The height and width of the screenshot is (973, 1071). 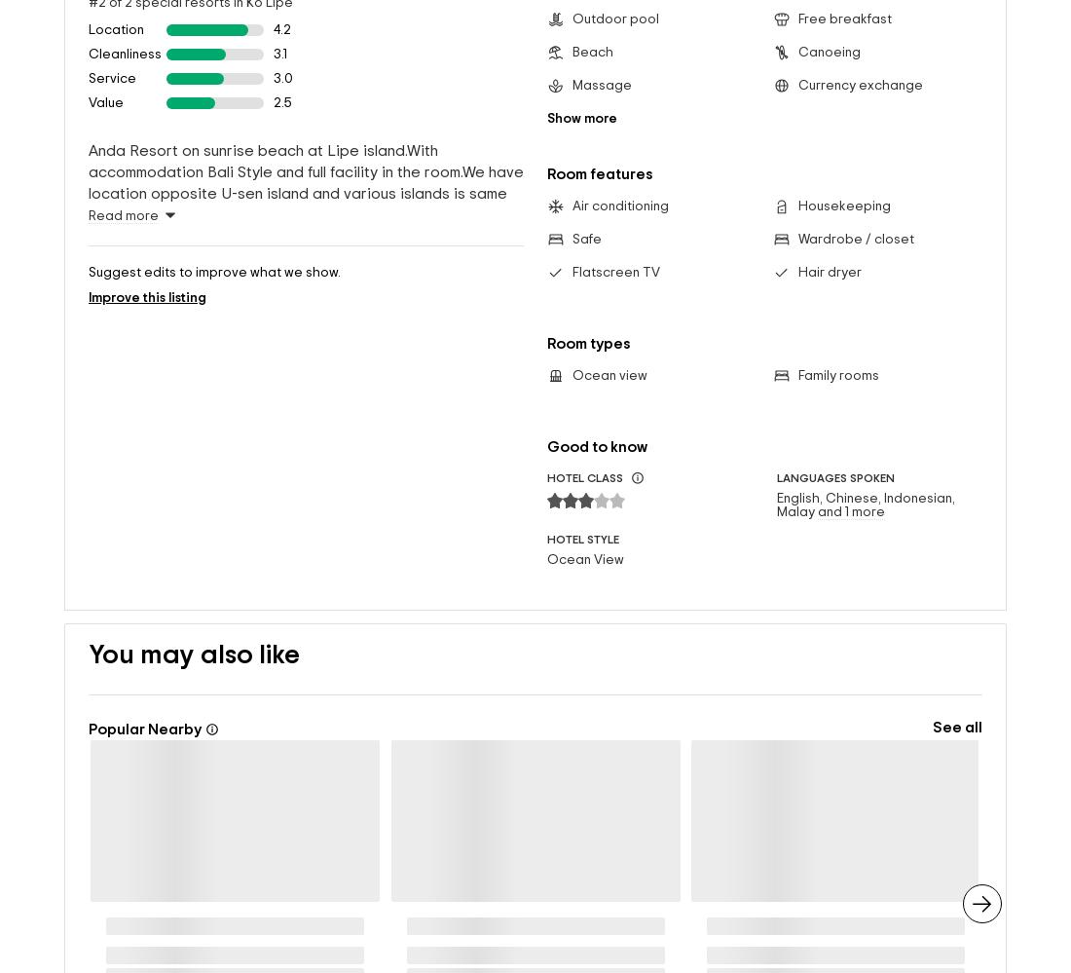 What do you see at coordinates (125, 21) in the screenshot?
I see `'Cleanliness'` at bounding box center [125, 21].